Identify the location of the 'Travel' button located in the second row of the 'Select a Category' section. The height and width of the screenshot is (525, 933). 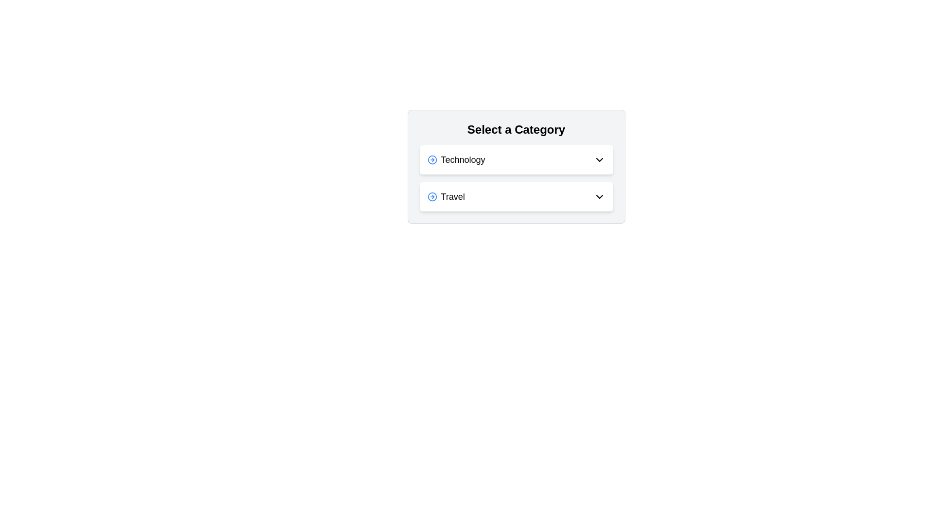
(516, 197).